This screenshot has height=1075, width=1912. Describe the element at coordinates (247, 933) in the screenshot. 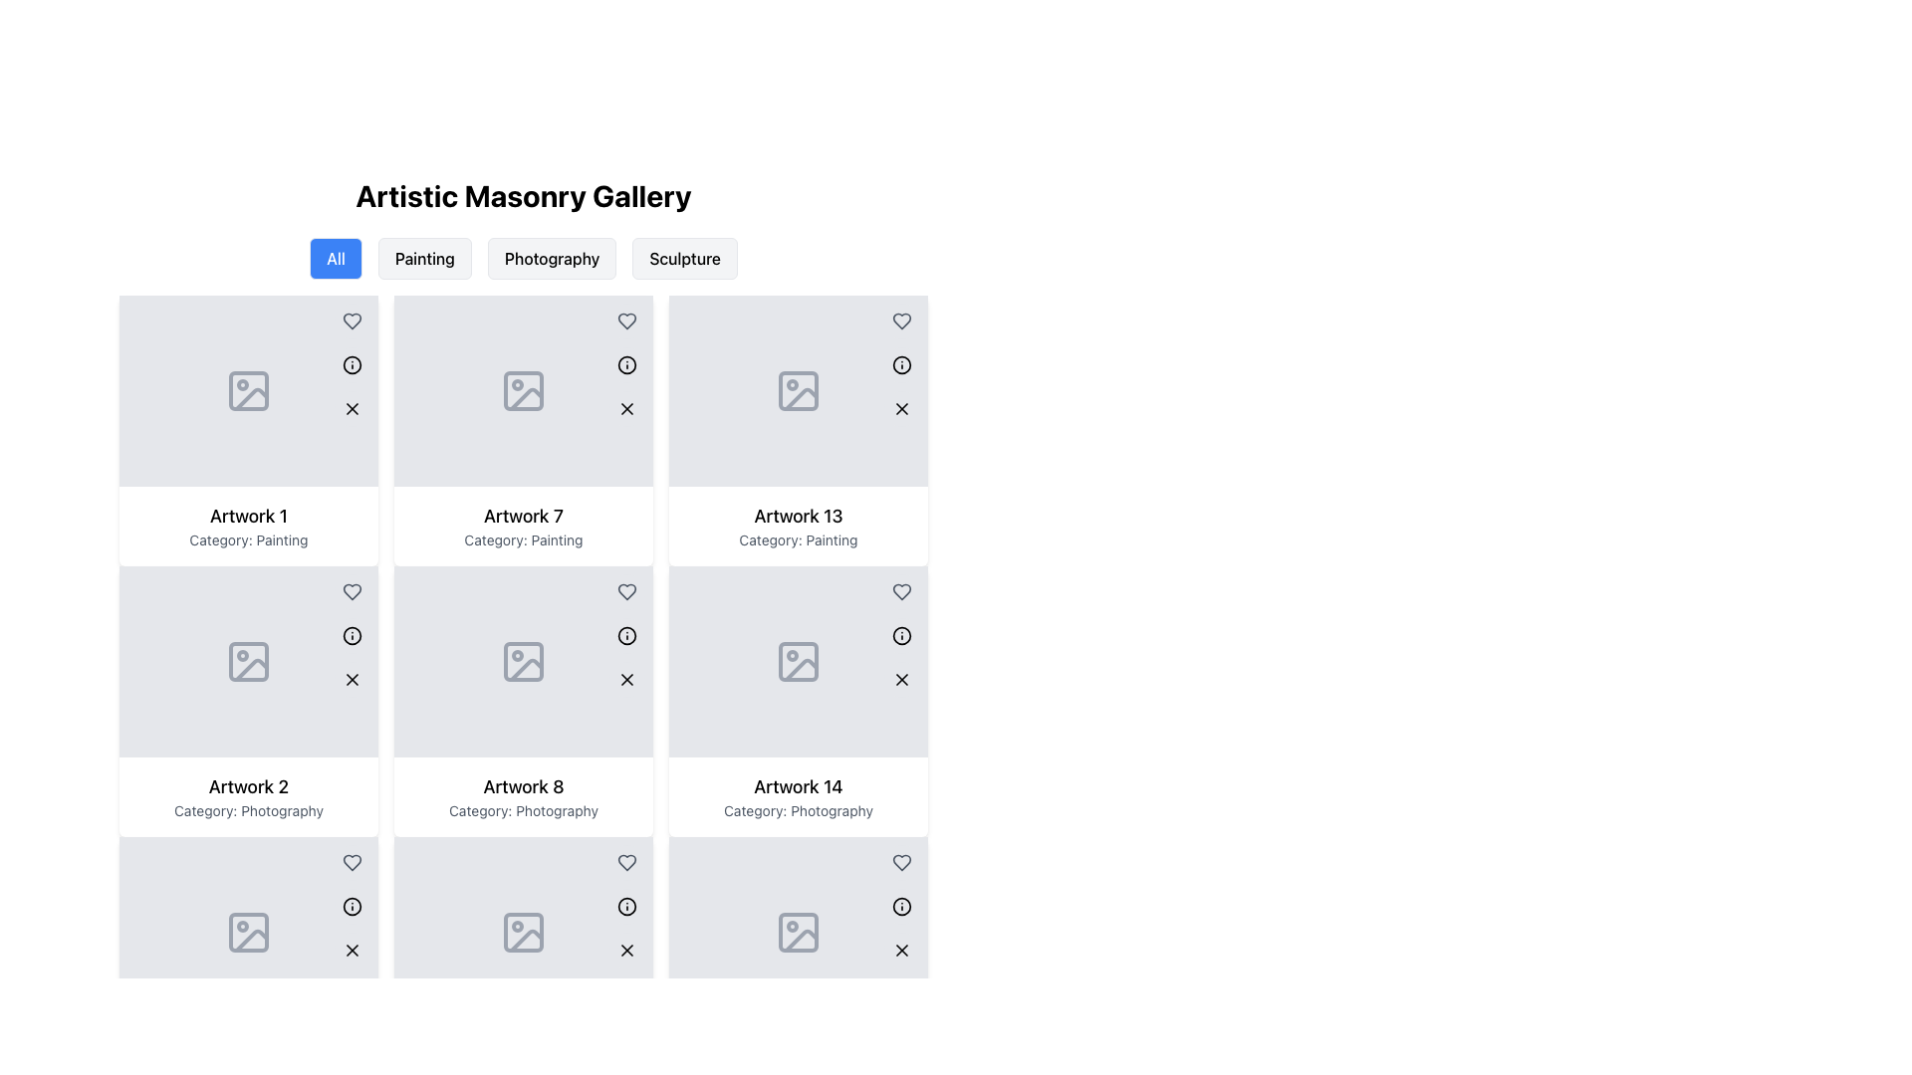

I see `the small rectangular graphical component with rounded corners located within the picture icon of the last item in the leftmost column of the gallery, beneath 'Artwork 2' and 'Category: Photography'` at that location.